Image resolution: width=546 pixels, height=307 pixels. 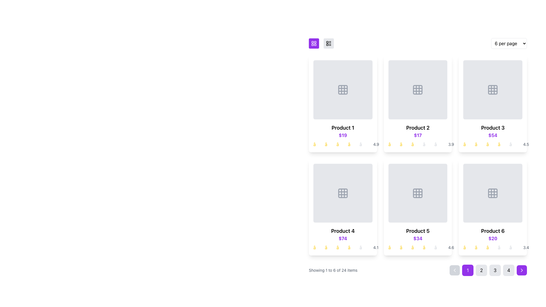 I want to click on the rightward chevron arrow button located at the bottom-right part of the UI, so click(x=522, y=270).